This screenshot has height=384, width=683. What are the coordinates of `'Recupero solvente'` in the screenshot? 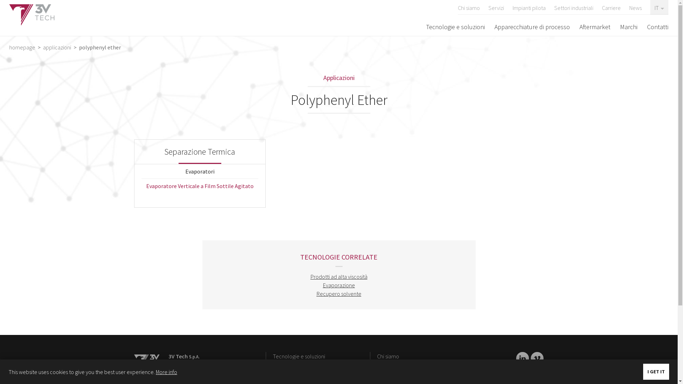 It's located at (316, 293).